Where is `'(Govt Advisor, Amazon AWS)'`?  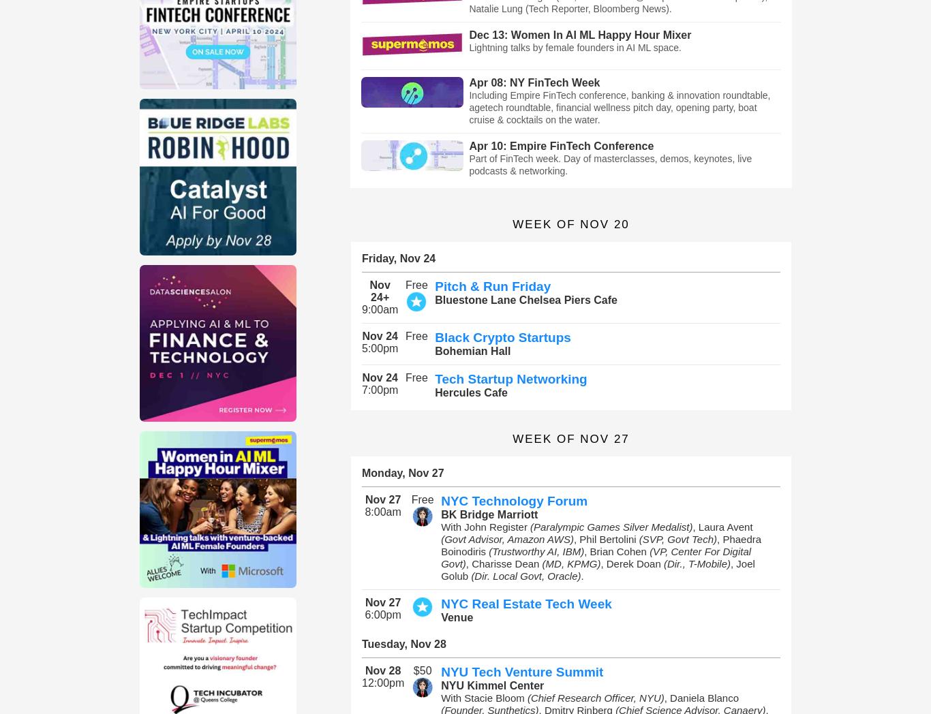
'(Govt Advisor, Amazon AWS)' is located at coordinates (507, 538).